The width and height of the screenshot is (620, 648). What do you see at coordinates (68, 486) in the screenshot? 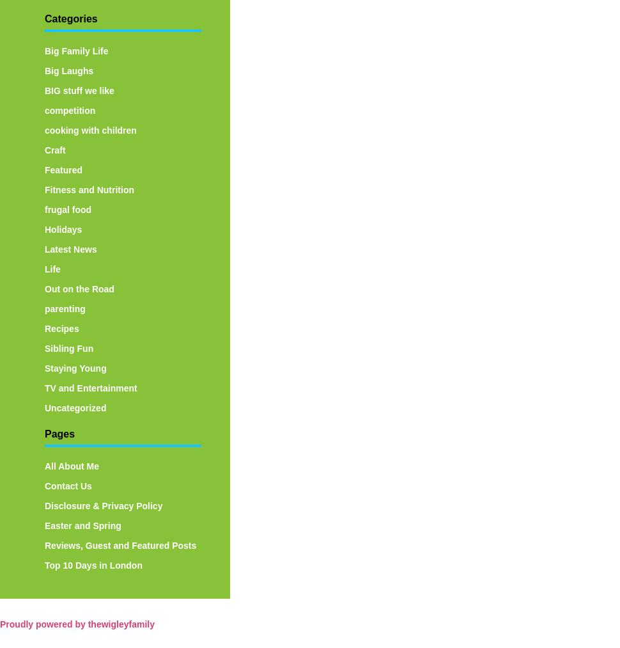
I see `'Contact Us'` at bounding box center [68, 486].